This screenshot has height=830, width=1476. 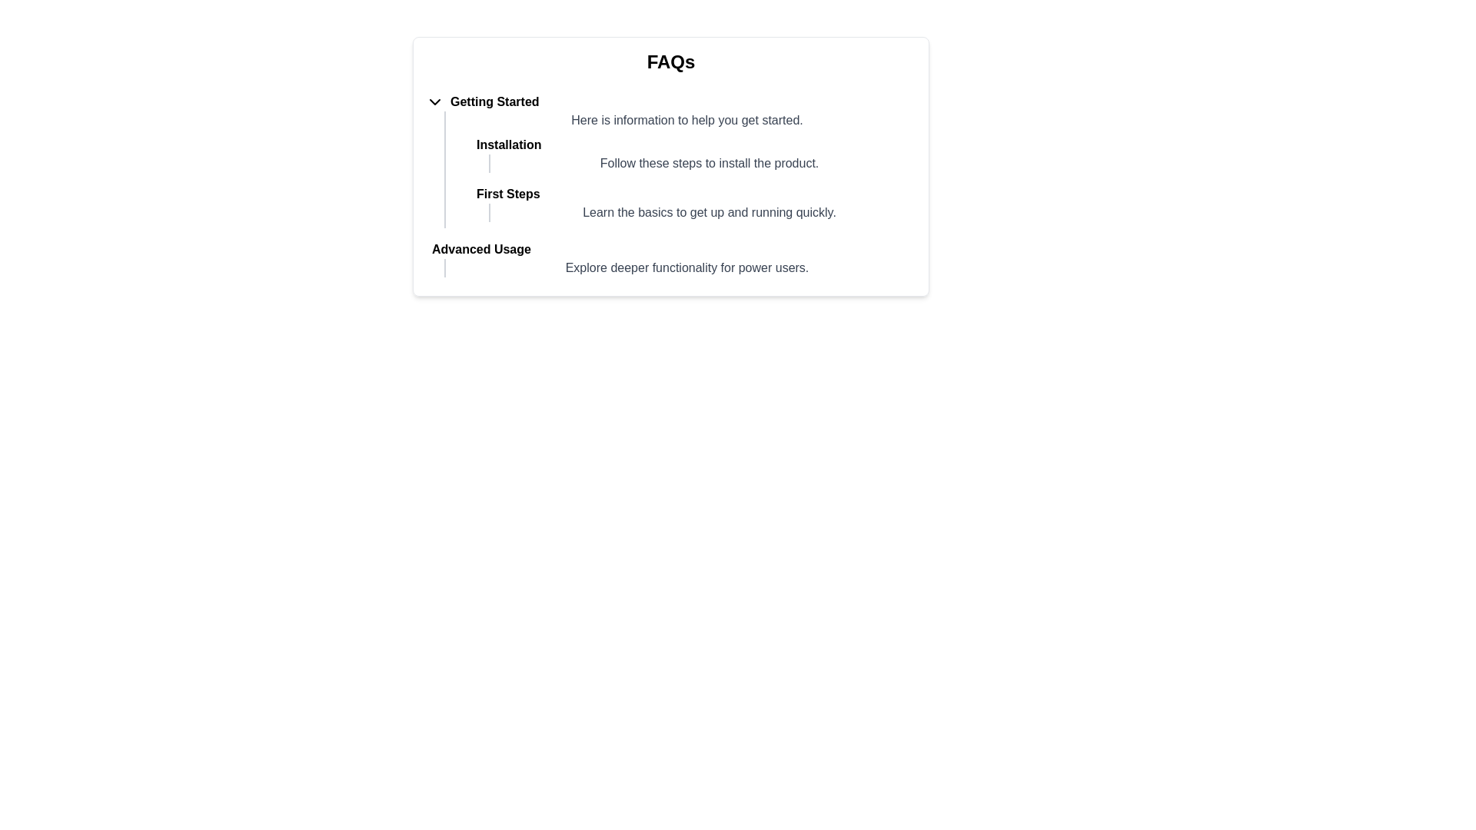 I want to click on instructional text located in the 'FAQs' section under the 'Installation' heading, positioned directly below the heading title, and above the 'First Steps' section, so click(x=701, y=163).